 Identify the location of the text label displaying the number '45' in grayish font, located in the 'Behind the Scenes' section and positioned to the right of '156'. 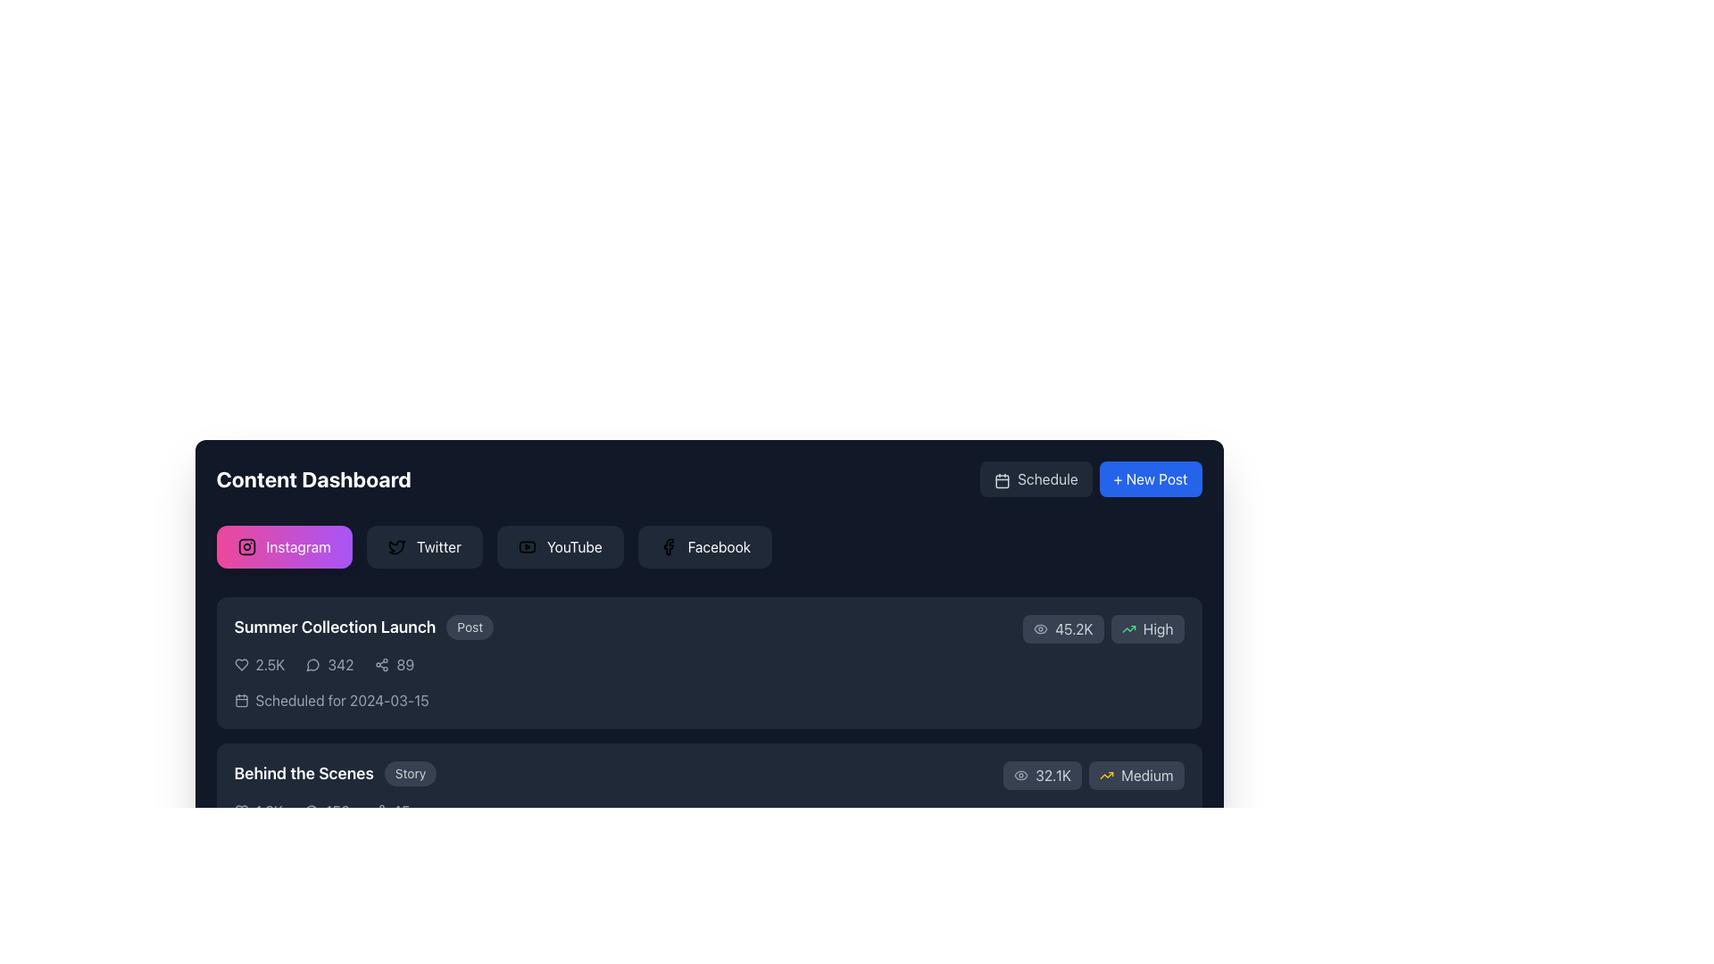
(389, 811).